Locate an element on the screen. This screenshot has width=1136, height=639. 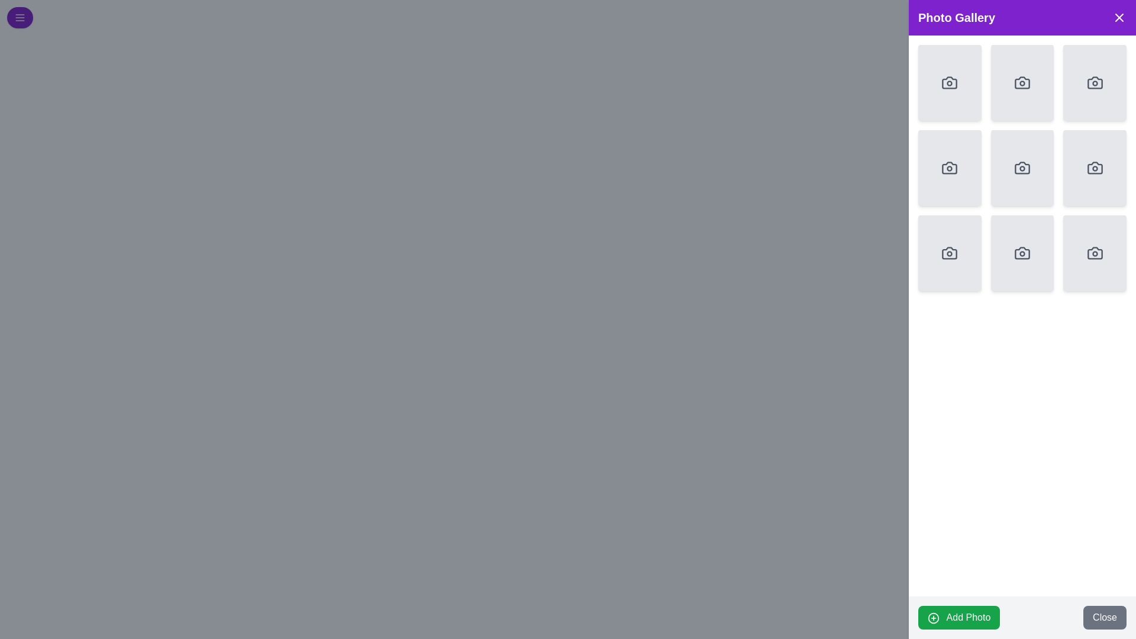
the icon representing an interactive placeholder in the middle row of a 3x3 grid layout within the right-aligned photo gallery panel is located at coordinates (1022, 253).